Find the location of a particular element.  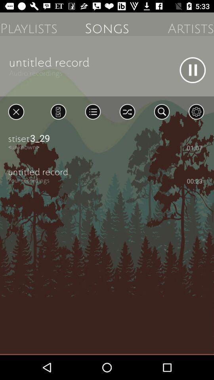

menu page is located at coordinates (58, 111).